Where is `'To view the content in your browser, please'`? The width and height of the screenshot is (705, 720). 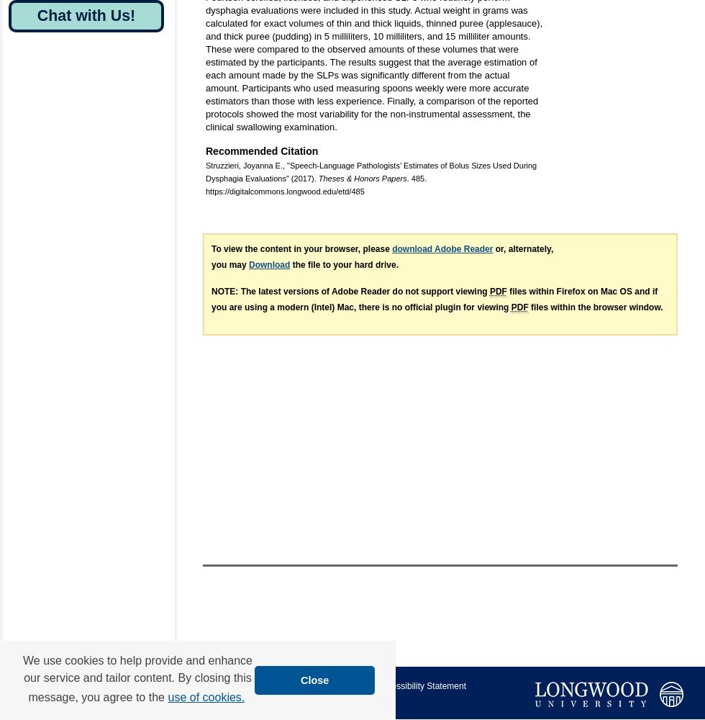
'To view the content in your browser, please' is located at coordinates (211, 248).